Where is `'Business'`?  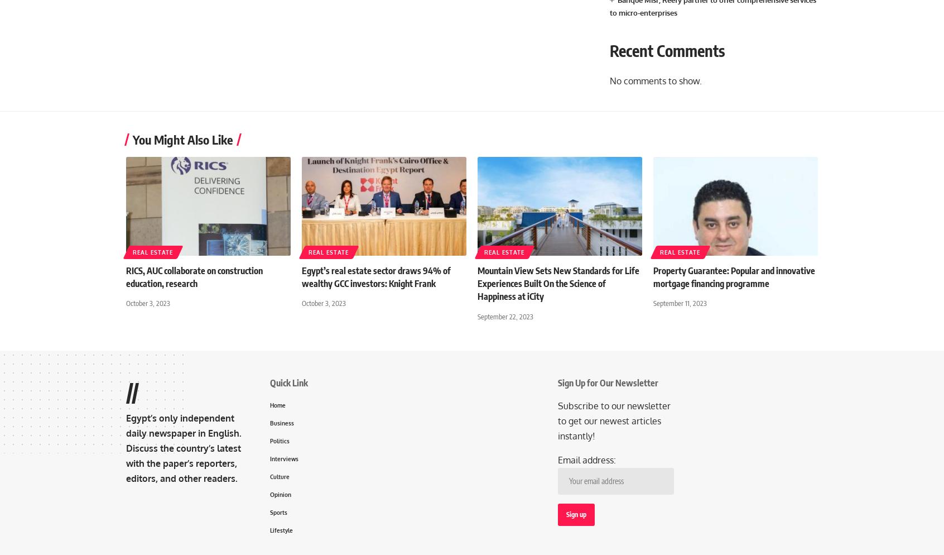 'Business' is located at coordinates (269, 422).